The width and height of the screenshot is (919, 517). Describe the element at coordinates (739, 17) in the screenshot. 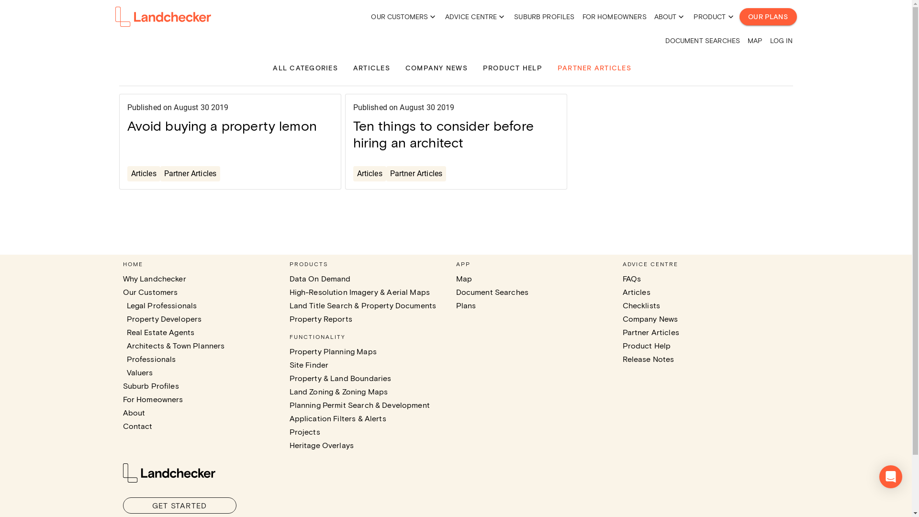

I see `'OUR PLANS'` at that location.